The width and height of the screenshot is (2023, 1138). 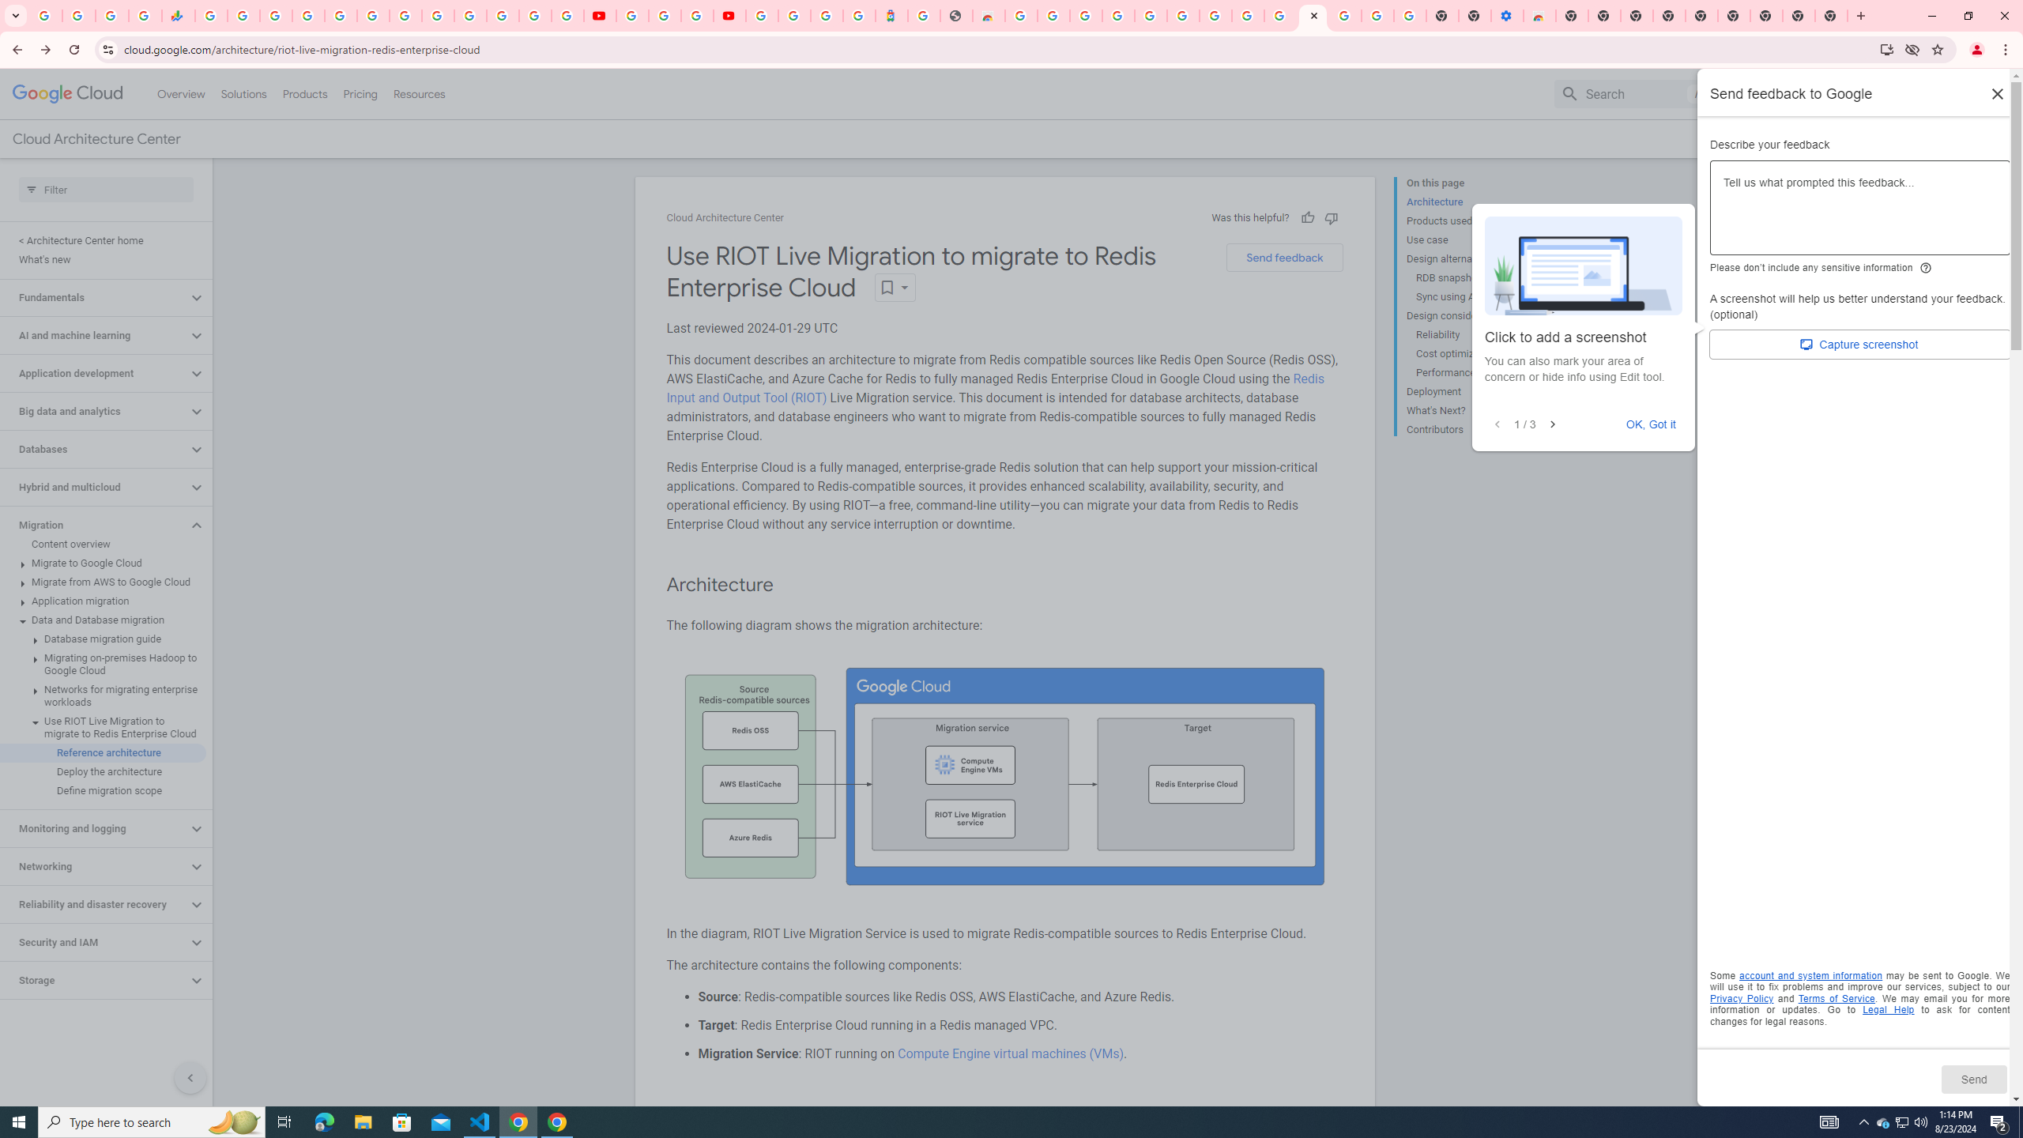 What do you see at coordinates (1470, 315) in the screenshot?
I see `'Design considerations'` at bounding box center [1470, 315].